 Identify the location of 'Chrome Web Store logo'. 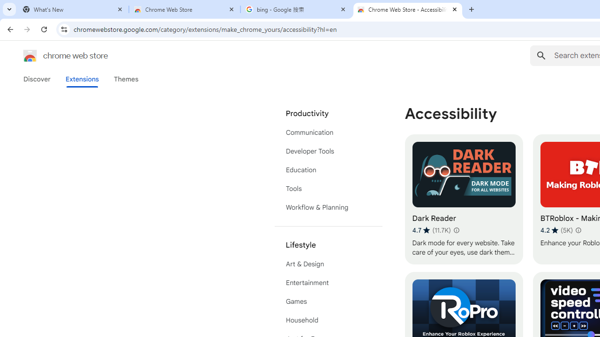
(30, 56).